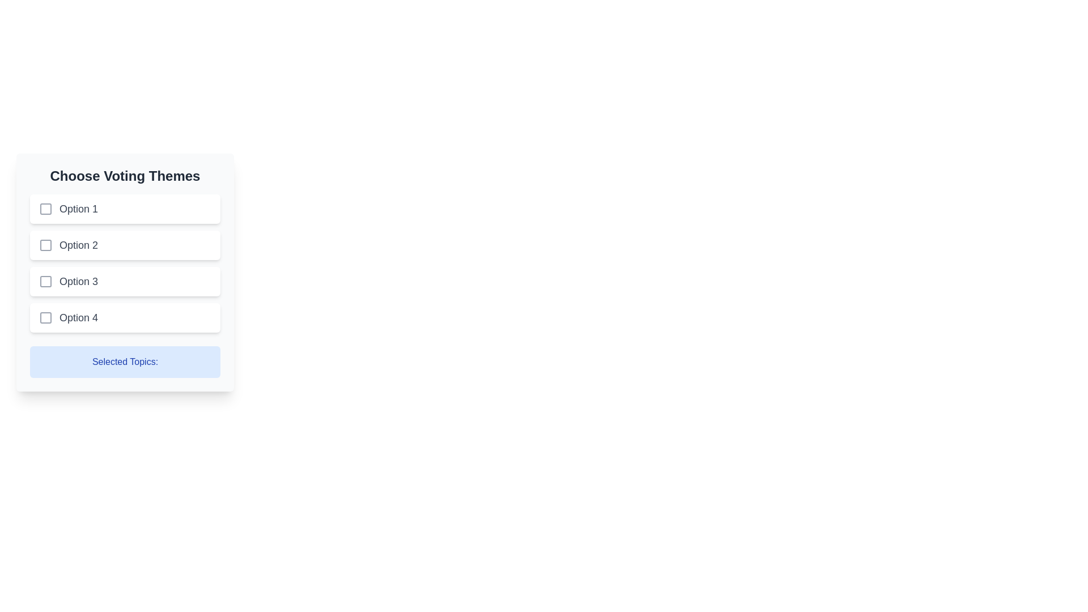 The width and height of the screenshot is (1088, 612). What do you see at coordinates (125, 362) in the screenshot?
I see `the text label displaying 'Selected Topics:' which is styled in bold blue color and positioned at the bottom of the voting theme selection interface` at bounding box center [125, 362].